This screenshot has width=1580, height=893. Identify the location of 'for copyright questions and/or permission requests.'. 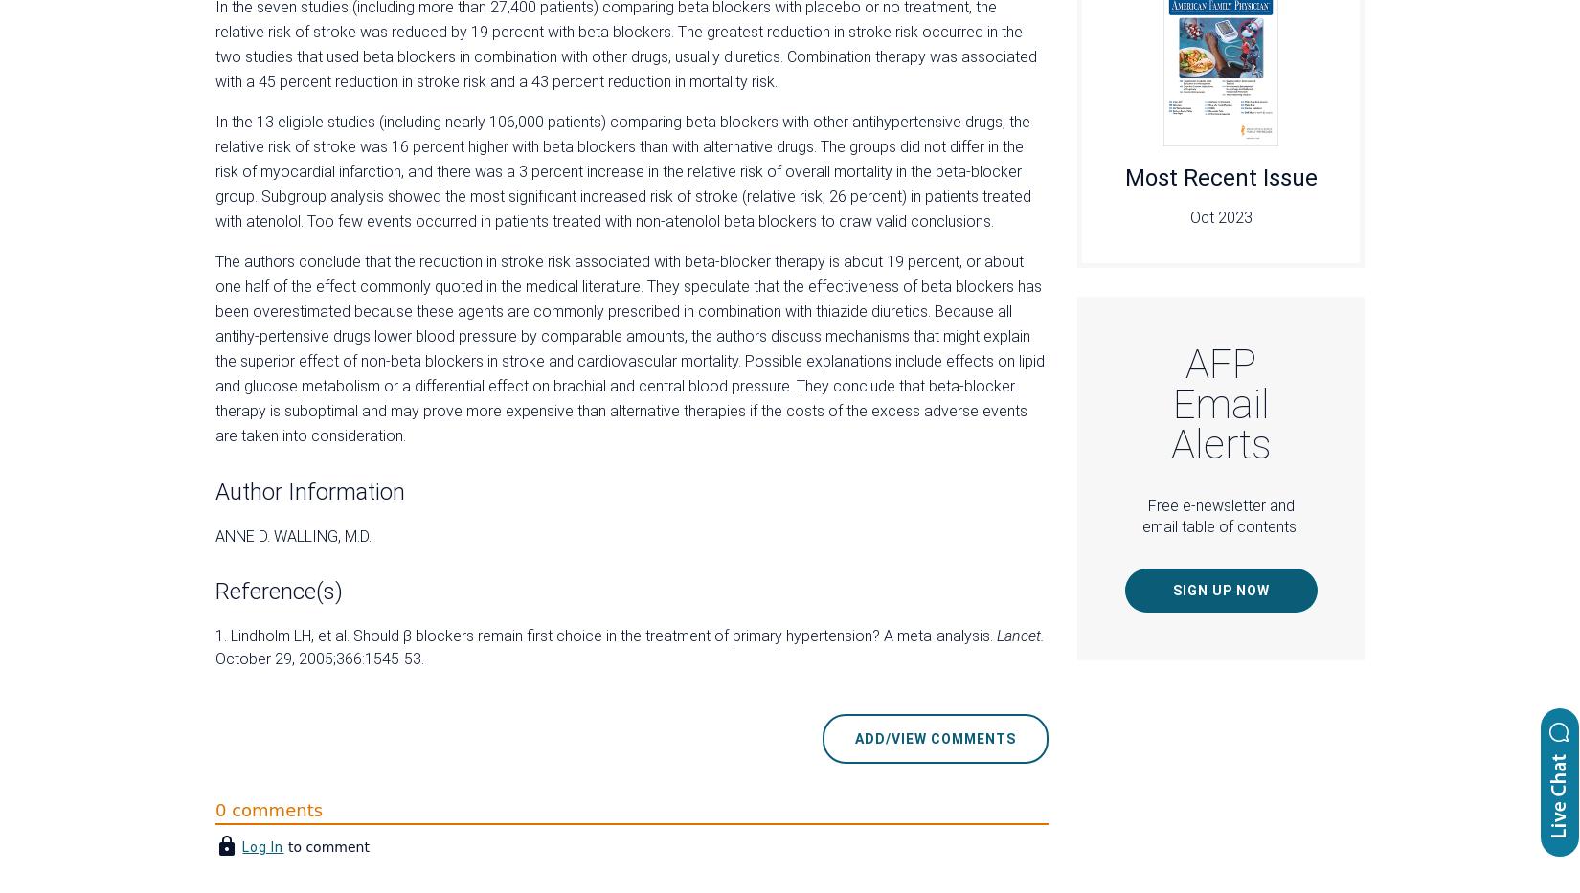
(745, 516).